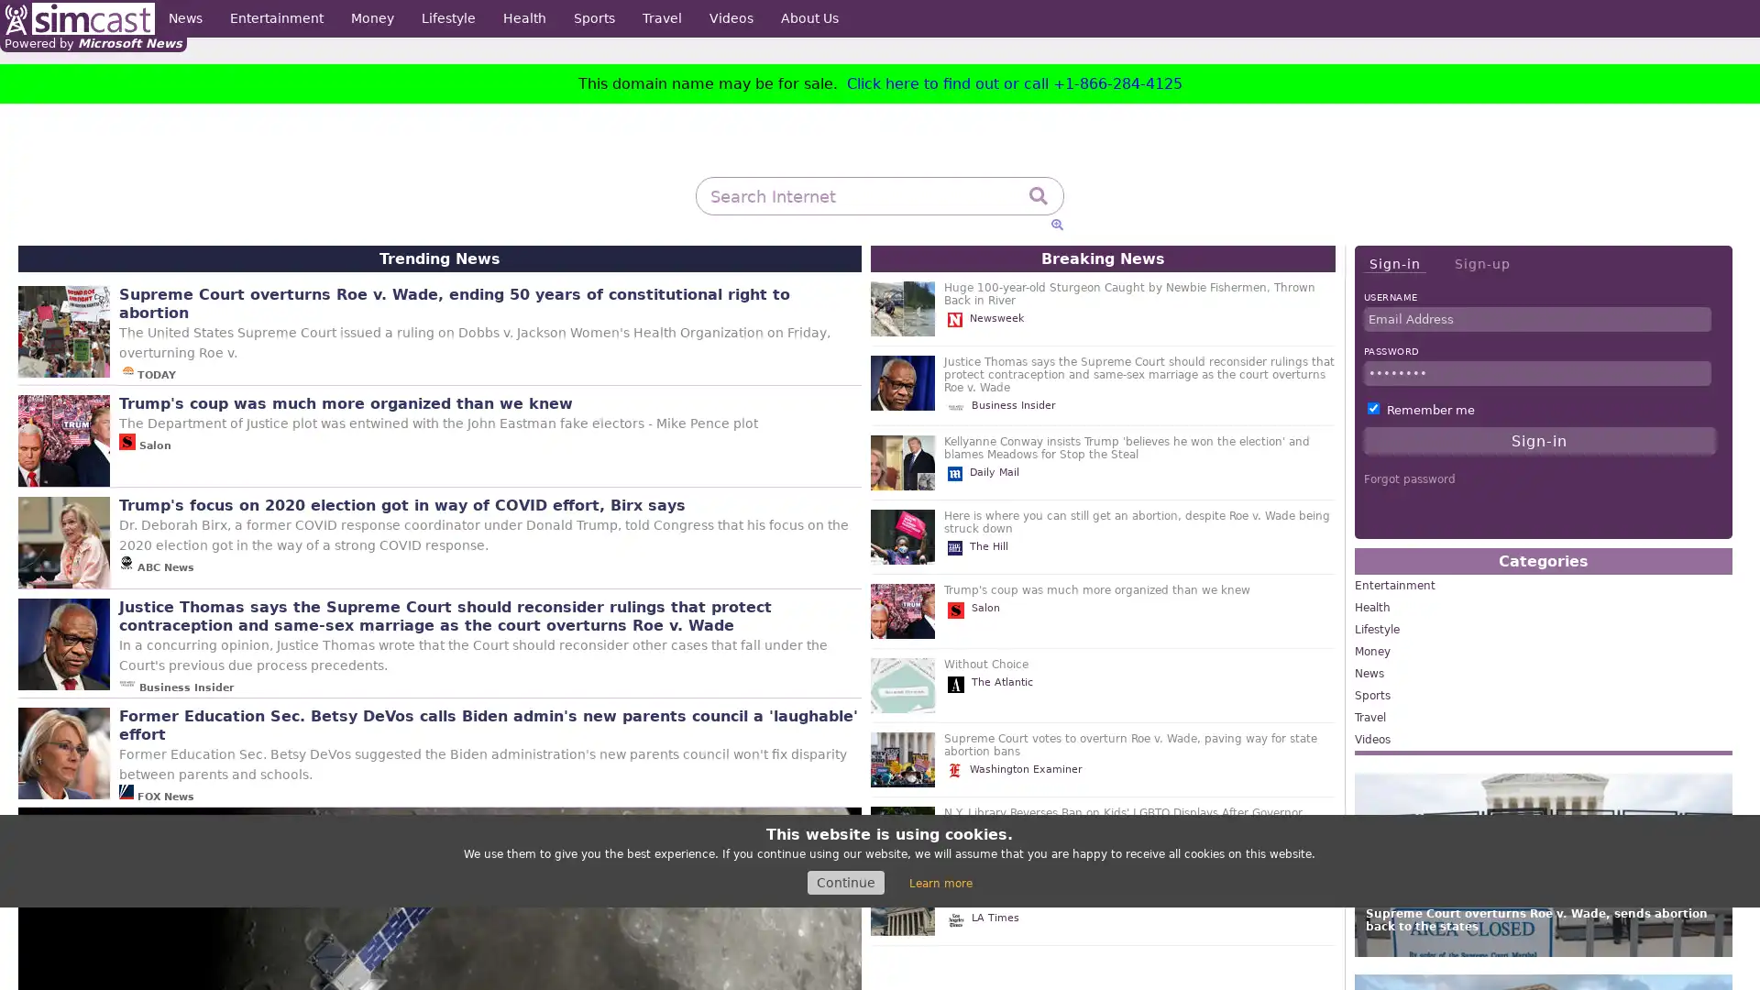  Describe the element at coordinates (1539, 441) in the screenshot. I see `Sign-in` at that location.